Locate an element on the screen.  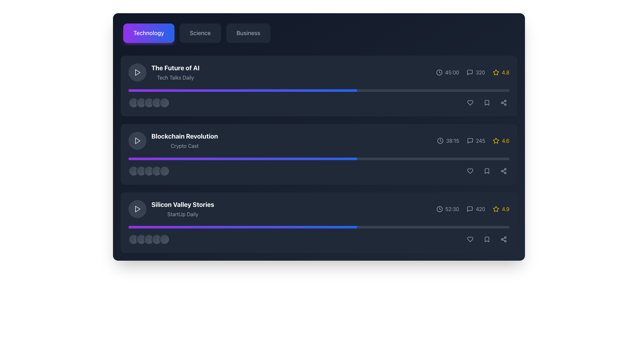
the decorative SVG circle element within the clock icon next to the duration text '38:15' for accessibility purposes is located at coordinates (440, 140).